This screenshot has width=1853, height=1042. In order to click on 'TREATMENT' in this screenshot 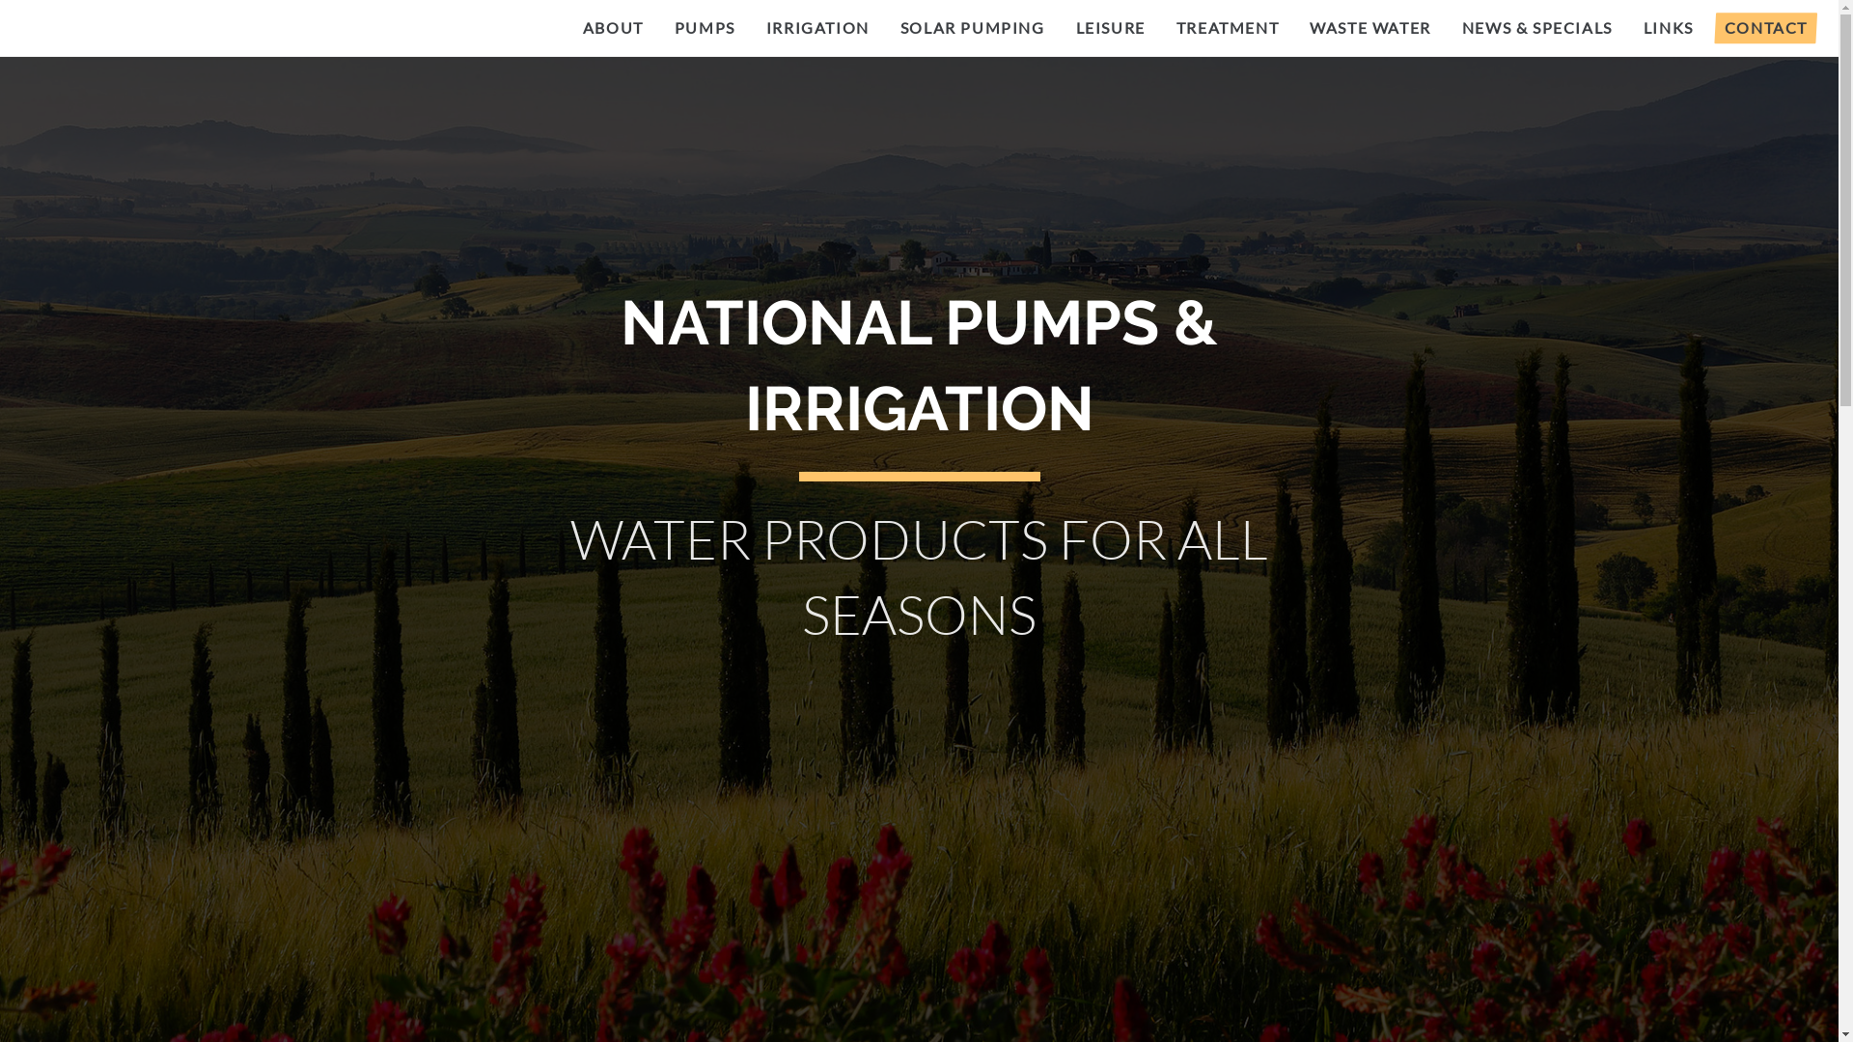, I will do `click(1227, 28)`.